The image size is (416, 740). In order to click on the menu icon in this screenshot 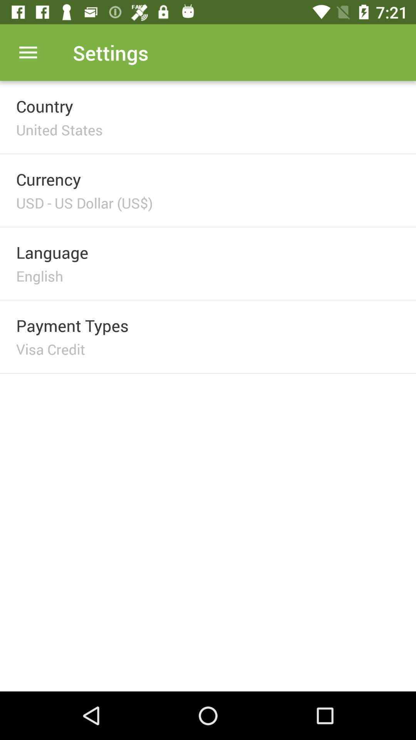, I will do `click(28, 52)`.